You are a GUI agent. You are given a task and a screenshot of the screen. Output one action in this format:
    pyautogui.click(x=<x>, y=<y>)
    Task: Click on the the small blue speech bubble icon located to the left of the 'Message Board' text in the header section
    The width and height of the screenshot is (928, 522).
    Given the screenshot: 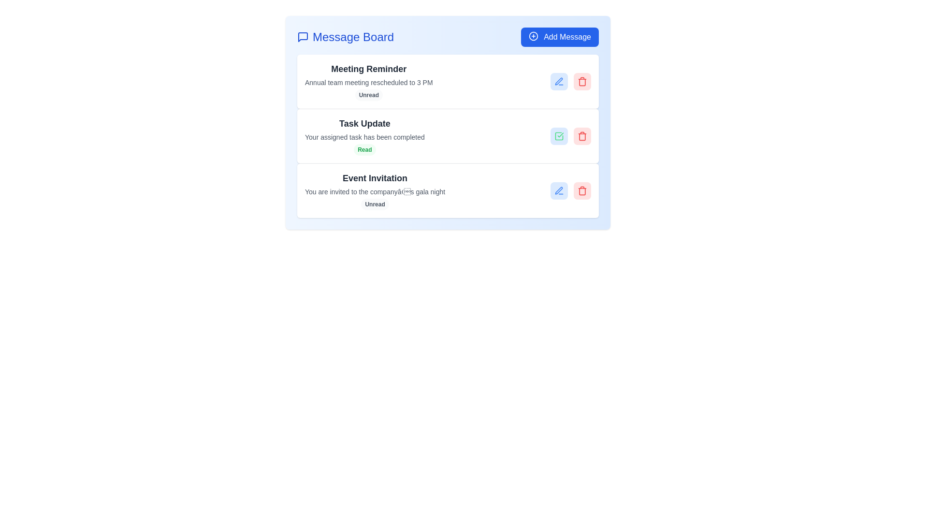 What is the action you would take?
    pyautogui.click(x=303, y=37)
    